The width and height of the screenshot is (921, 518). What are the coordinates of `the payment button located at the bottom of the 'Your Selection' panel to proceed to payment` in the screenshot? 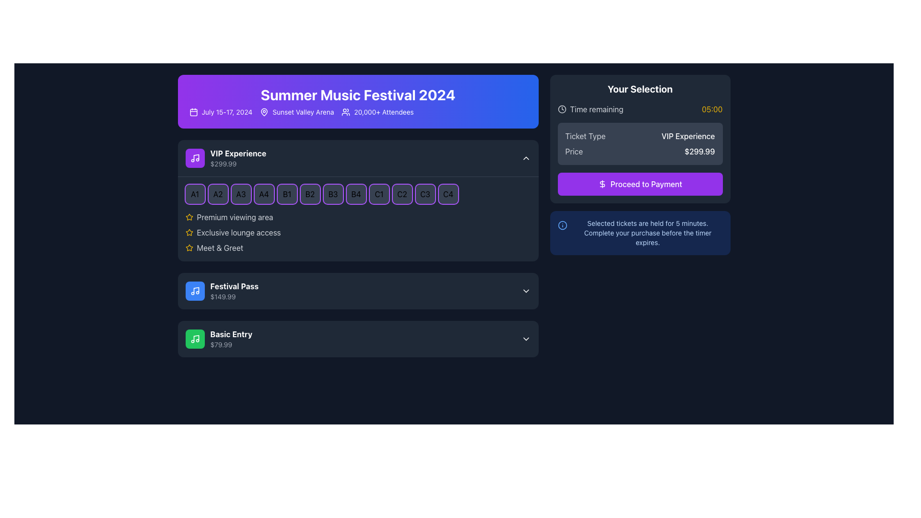 It's located at (640, 184).